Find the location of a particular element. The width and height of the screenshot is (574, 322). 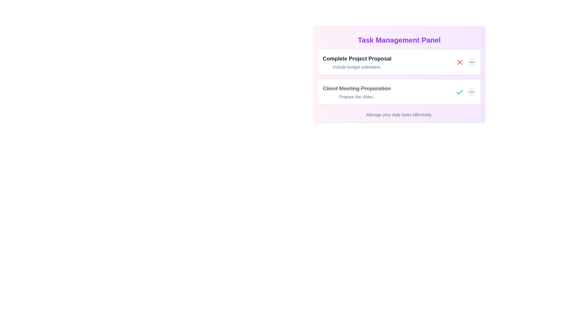

the second task card in the Task Management Panel is located at coordinates (399, 92).